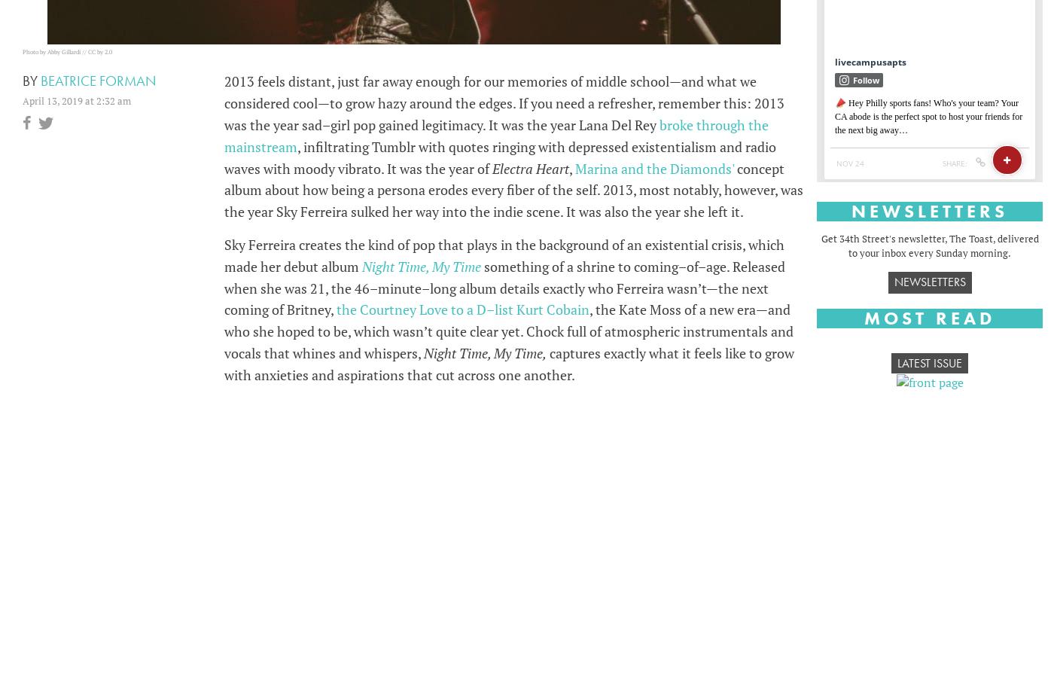 This screenshot has height=698, width=1054. Describe the element at coordinates (99, 80) in the screenshot. I see `'BEATRICE FORMAN'` at that location.